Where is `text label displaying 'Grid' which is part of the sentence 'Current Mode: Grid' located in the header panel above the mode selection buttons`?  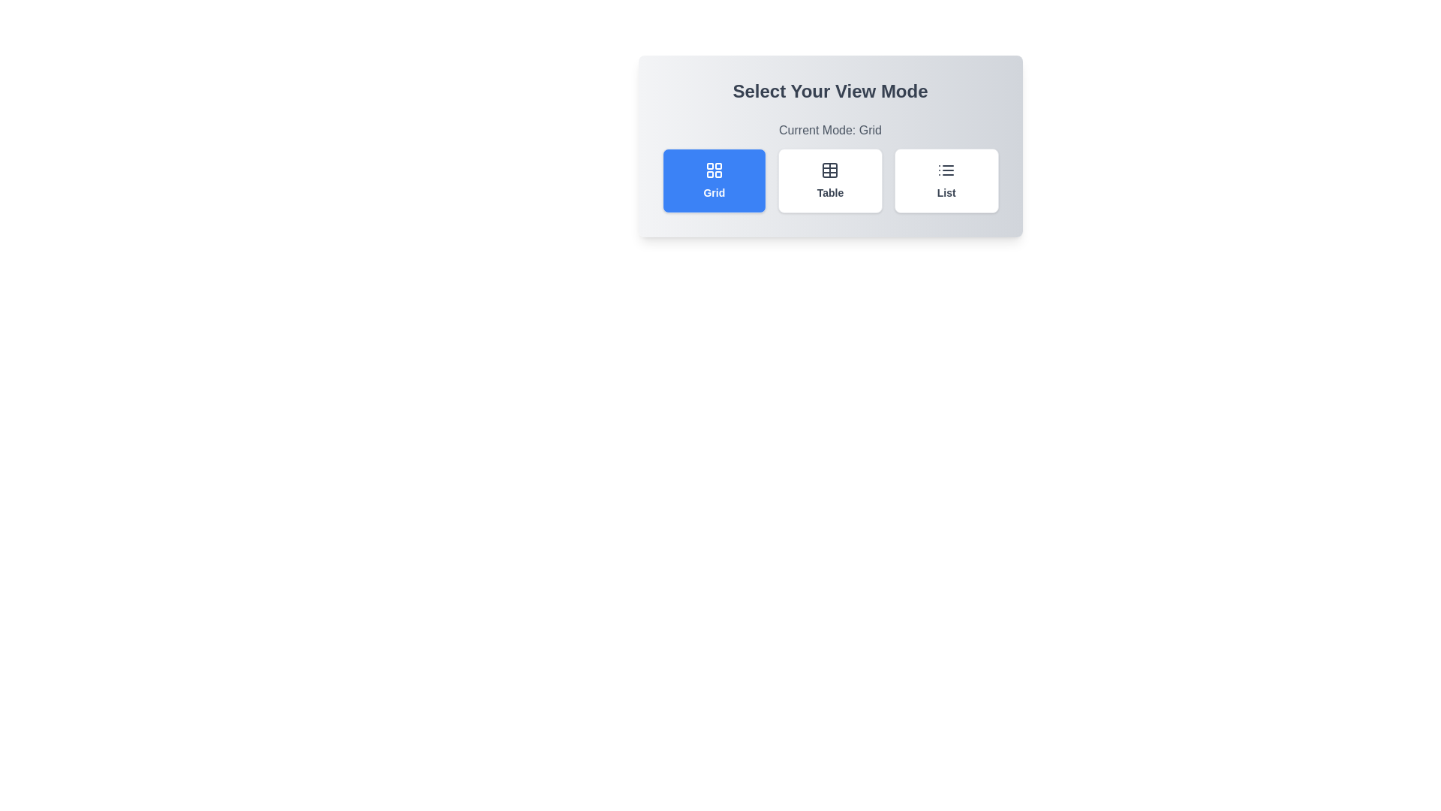 text label displaying 'Grid' which is part of the sentence 'Current Mode: Grid' located in the header panel above the mode selection buttons is located at coordinates (870, 129).